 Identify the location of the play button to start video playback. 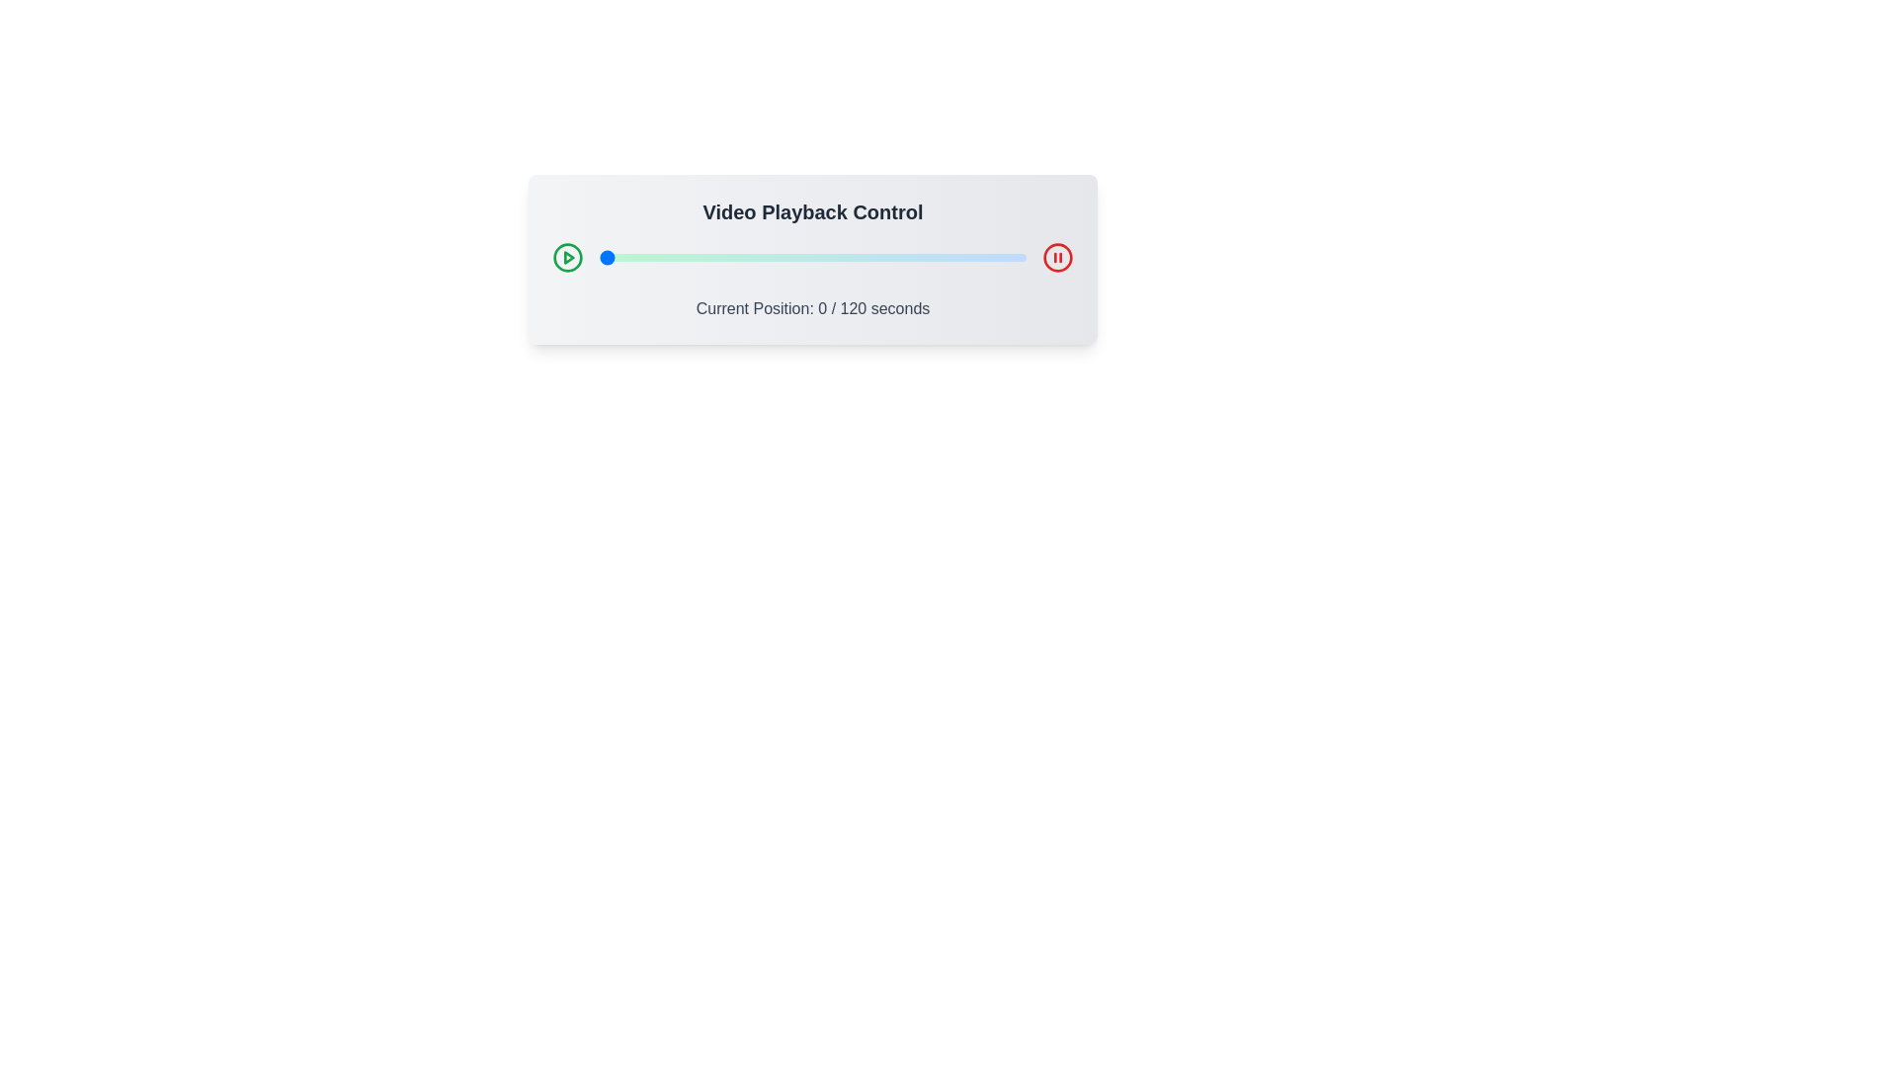
(567, 257).